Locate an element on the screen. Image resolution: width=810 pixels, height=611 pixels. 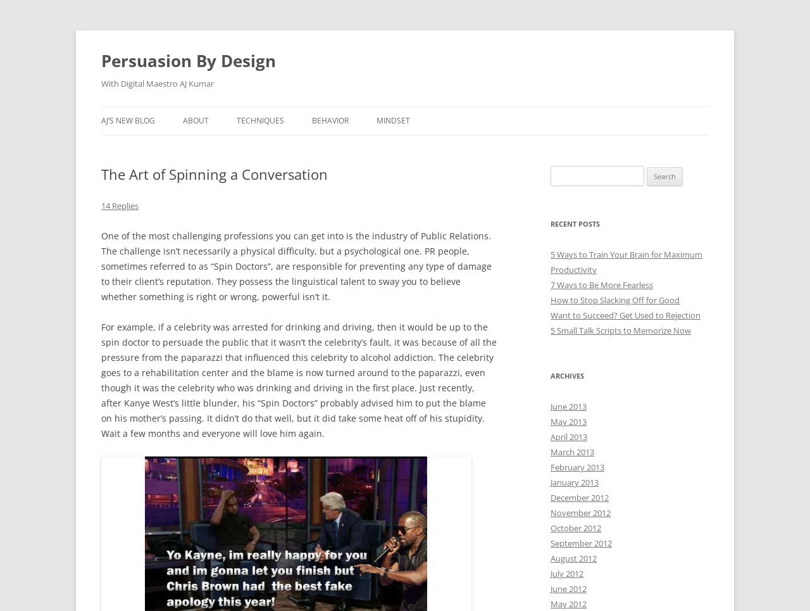
'5 Small Talk Scripts to Memorize Now' is located at coordinates (620, 329).